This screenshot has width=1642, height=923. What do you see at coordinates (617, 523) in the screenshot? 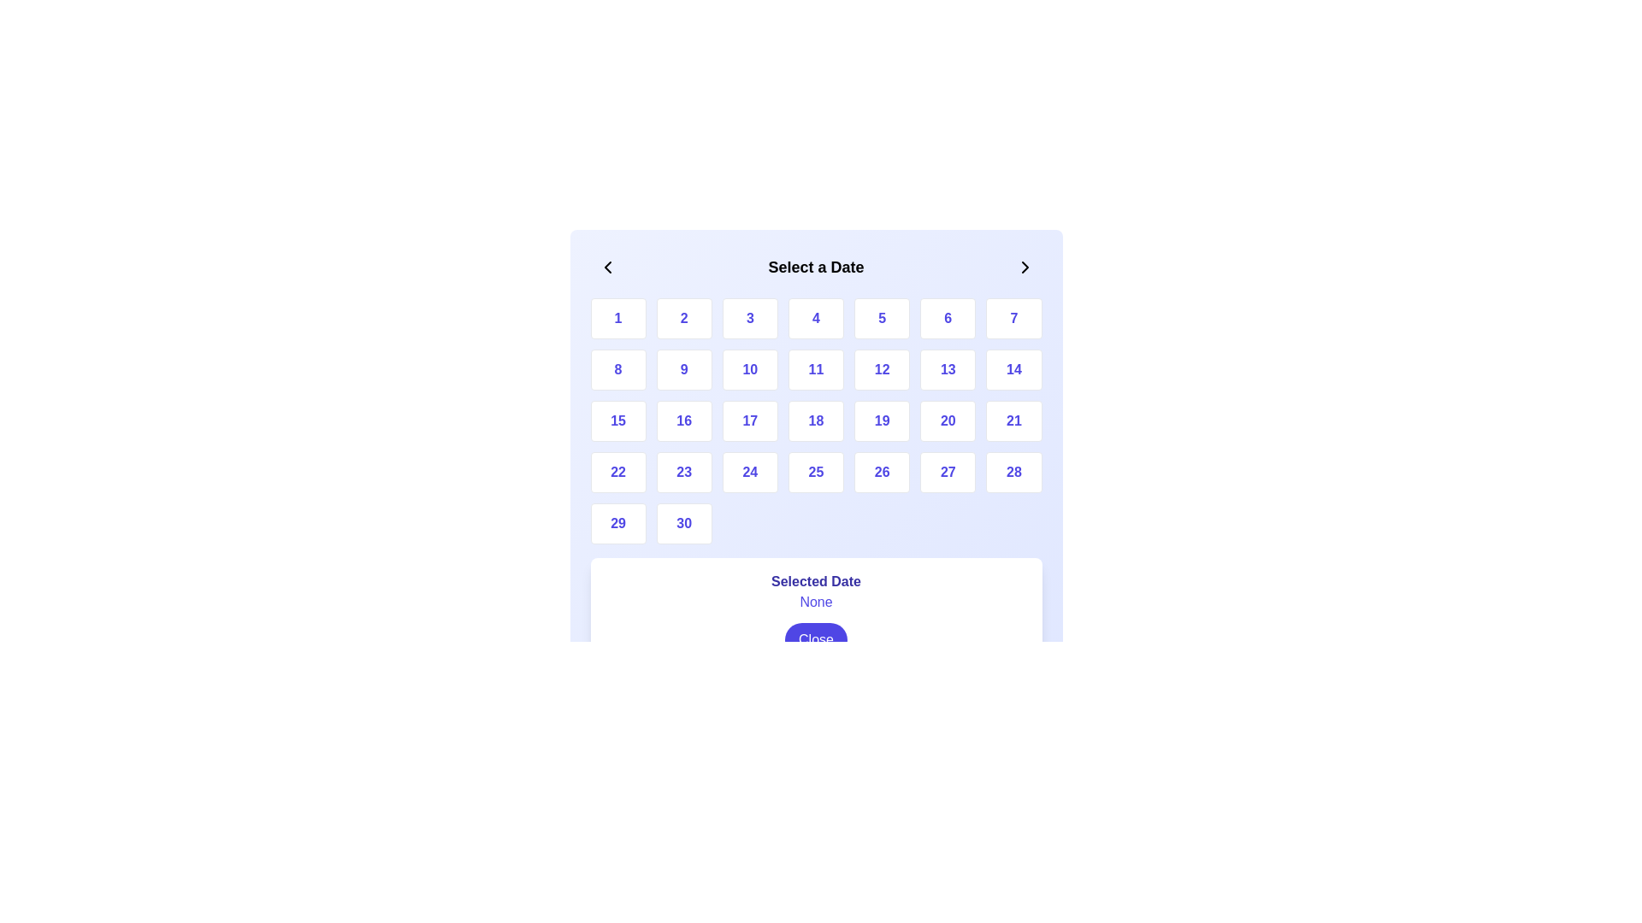
I see `the selectable date button for the 29th of the month` at bounding box center [617, 523].